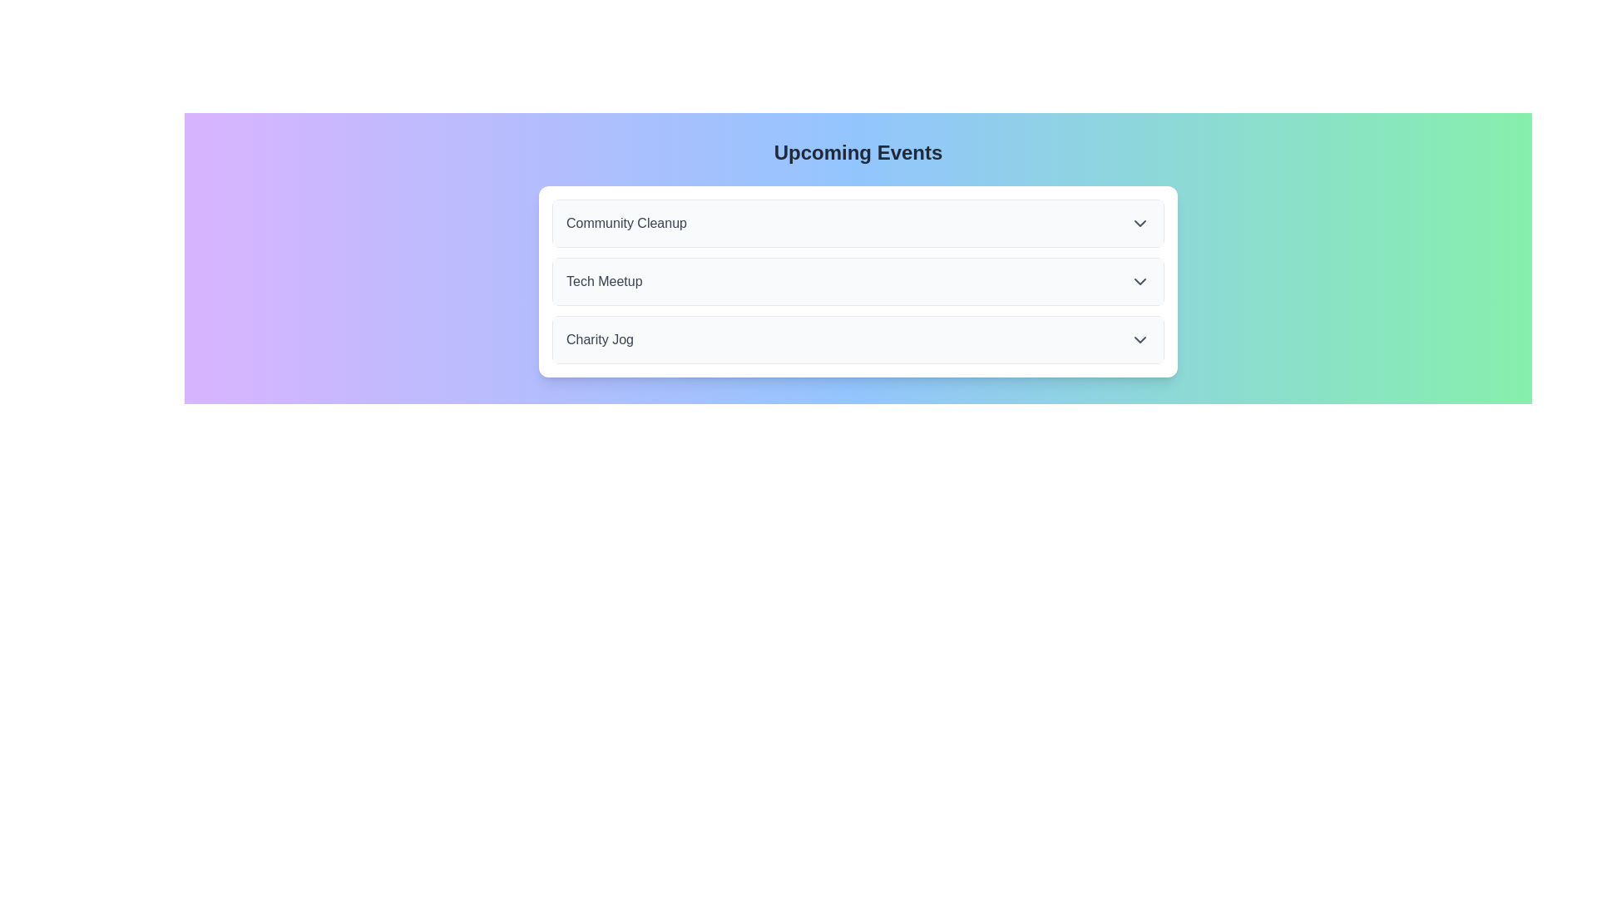 The image size is (1597, 898). What do you see at coordinates (1140, 281) in the screenshot?
I see `the chevron down indicator` at bounding box center [1140, 281].